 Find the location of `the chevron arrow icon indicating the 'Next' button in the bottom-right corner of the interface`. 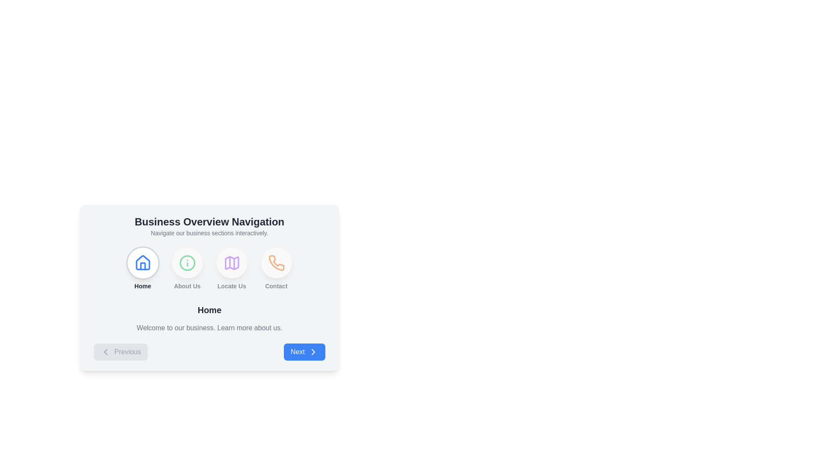

the chevron arrow icon indicating the 'Next' button in the bottom-right corner of the interface is located at coordinates (313, 352).